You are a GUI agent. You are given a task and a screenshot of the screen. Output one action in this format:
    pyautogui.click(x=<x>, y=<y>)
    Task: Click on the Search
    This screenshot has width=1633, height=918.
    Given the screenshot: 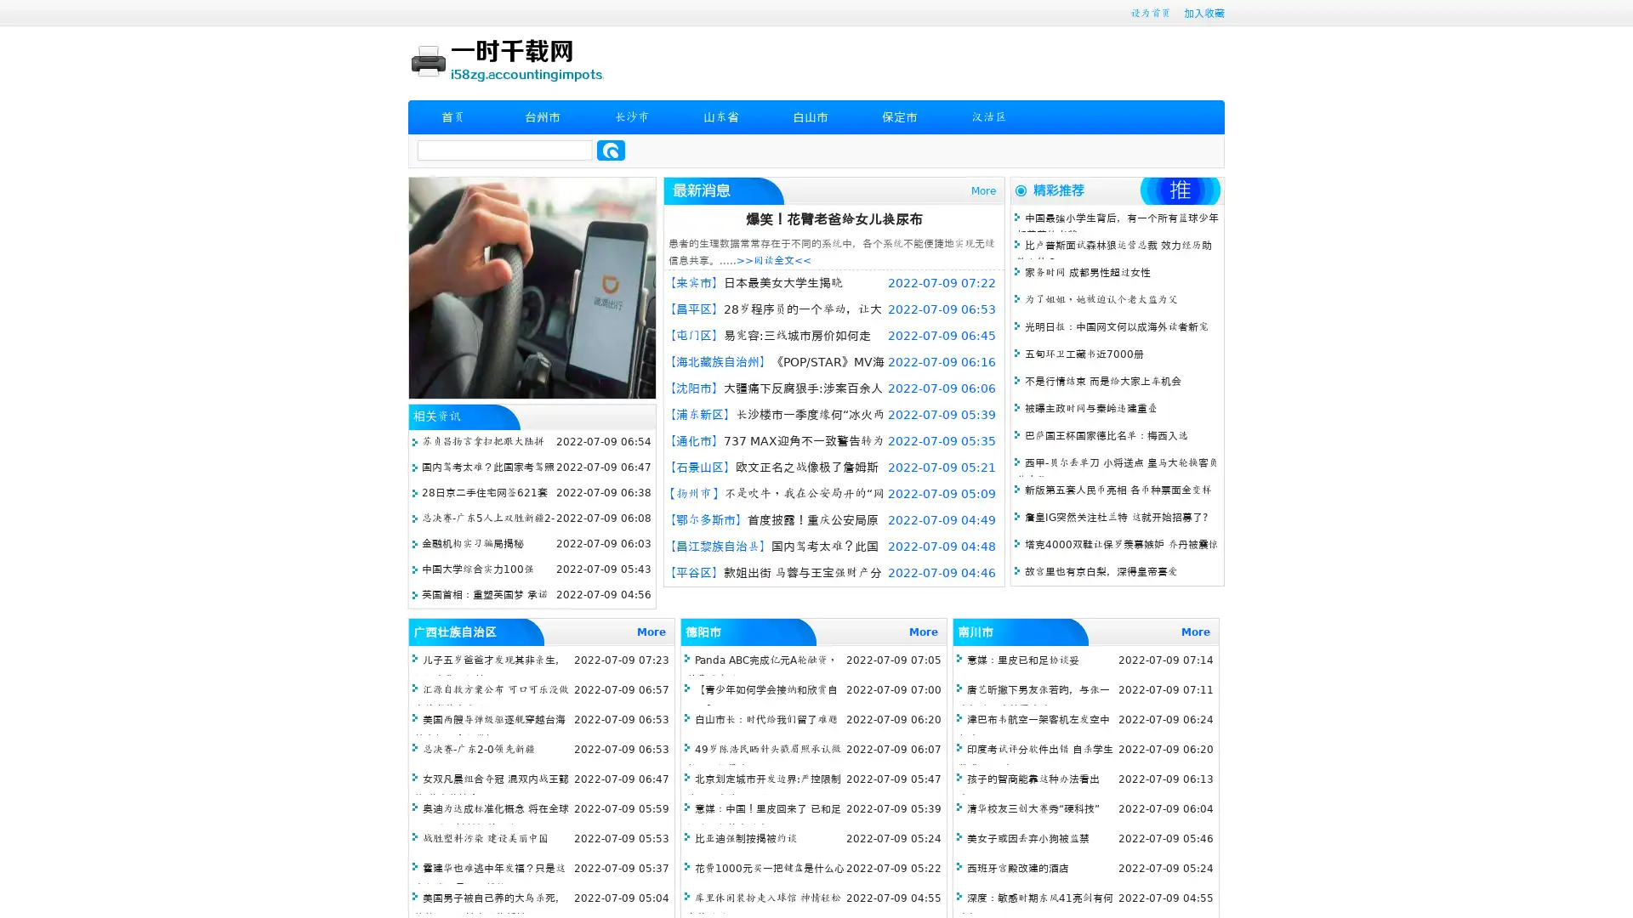 What is the action you would take?
    pyautogui.click(x=611, y=150)
    